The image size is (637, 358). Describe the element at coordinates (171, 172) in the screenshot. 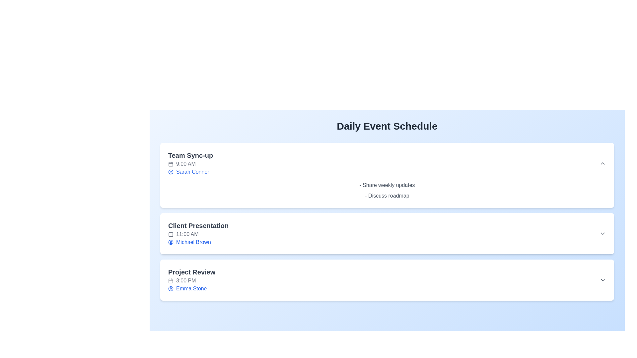

I see `the outermost circular component of the SVG graphic within the 'Team Sync-up' event card` at that location.